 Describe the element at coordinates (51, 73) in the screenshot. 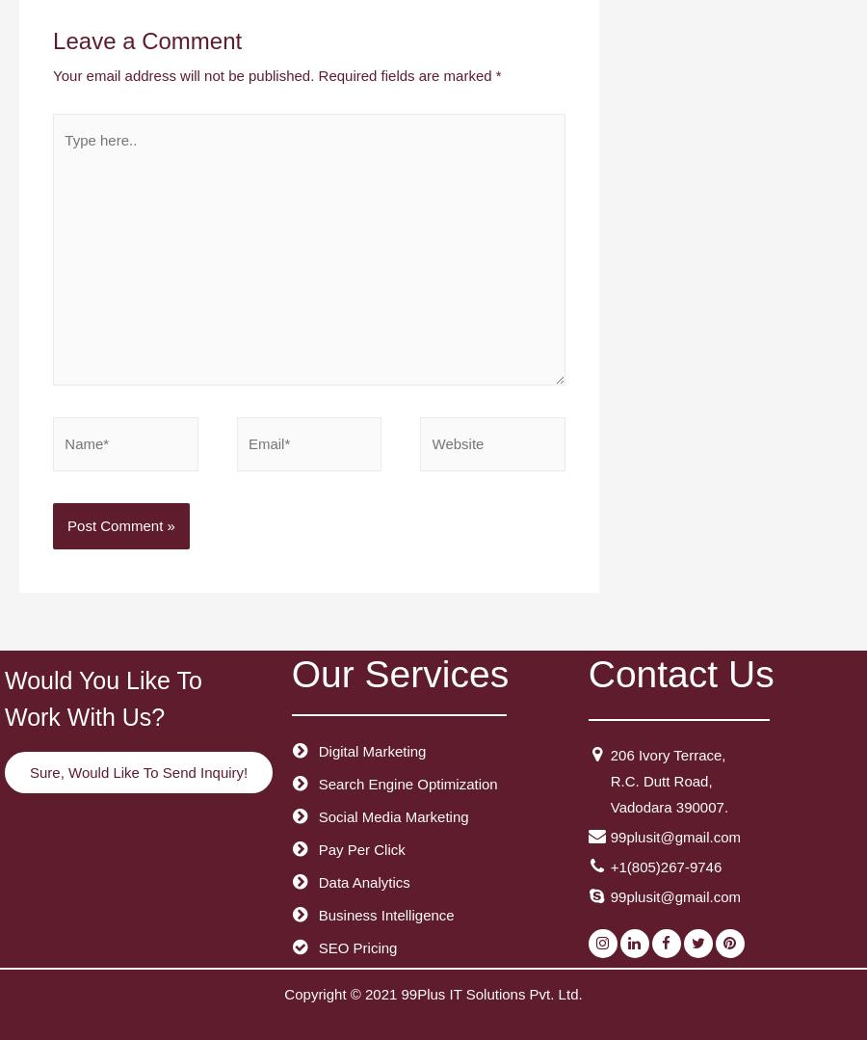

I see `'Your email address will not be published.'` at that location.